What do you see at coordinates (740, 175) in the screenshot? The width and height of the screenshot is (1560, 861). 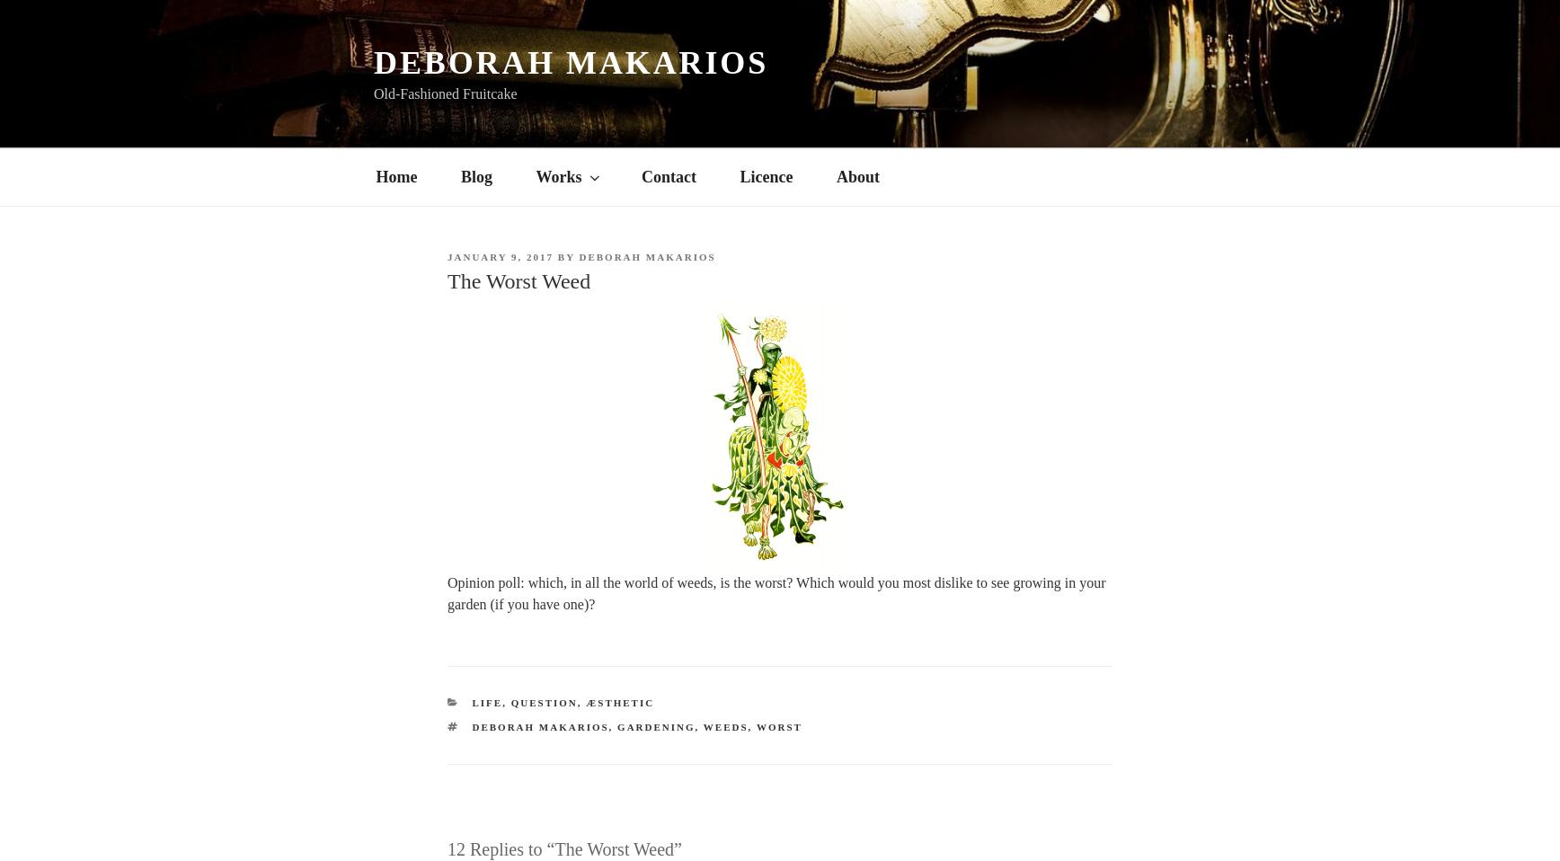 I see `'Licence'` at bounding box center [740, 175].